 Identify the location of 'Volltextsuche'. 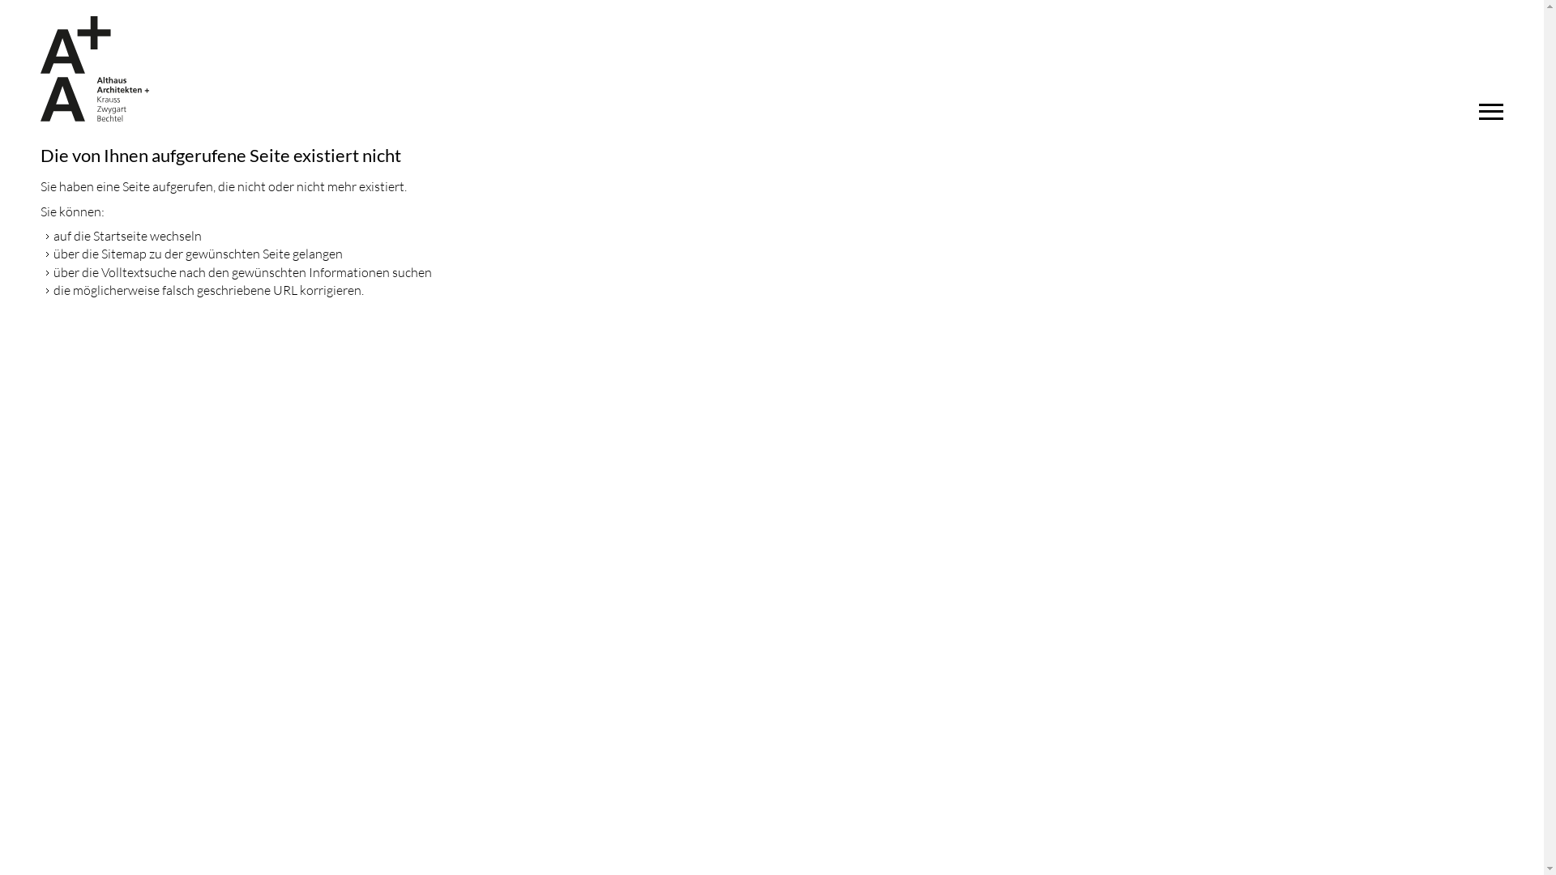
(100, 271).